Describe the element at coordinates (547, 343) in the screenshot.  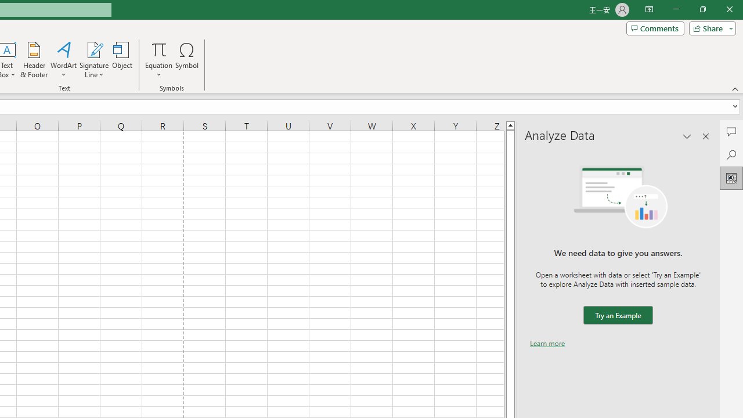
I see `'Learn more'` at that location.